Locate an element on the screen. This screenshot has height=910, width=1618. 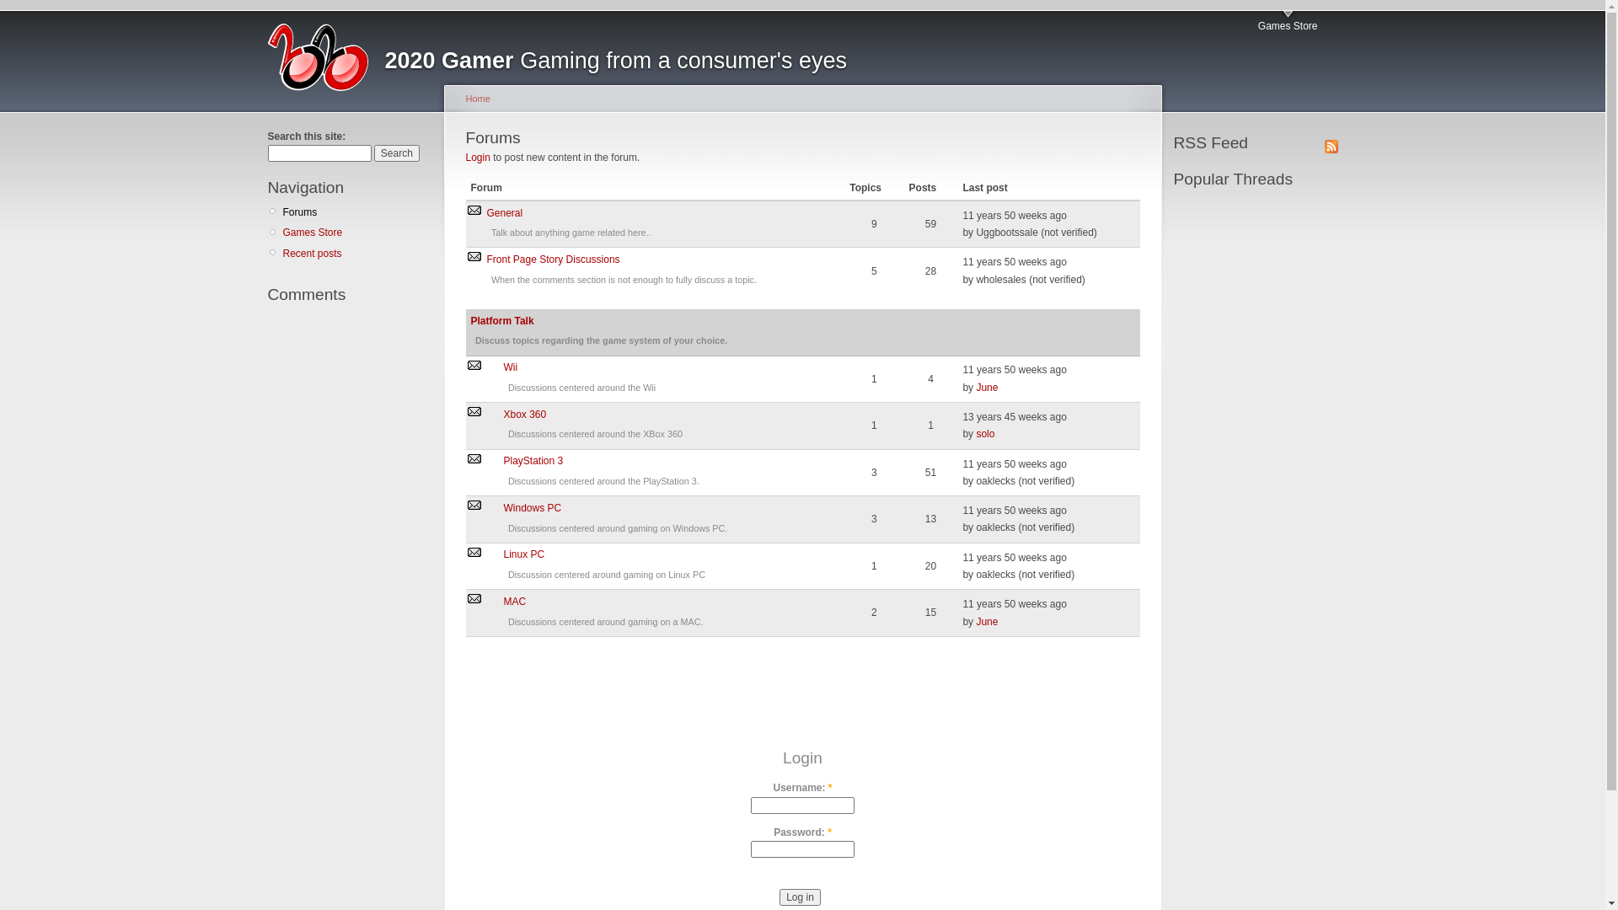
'MAC' is located at coordinates (514, 600).